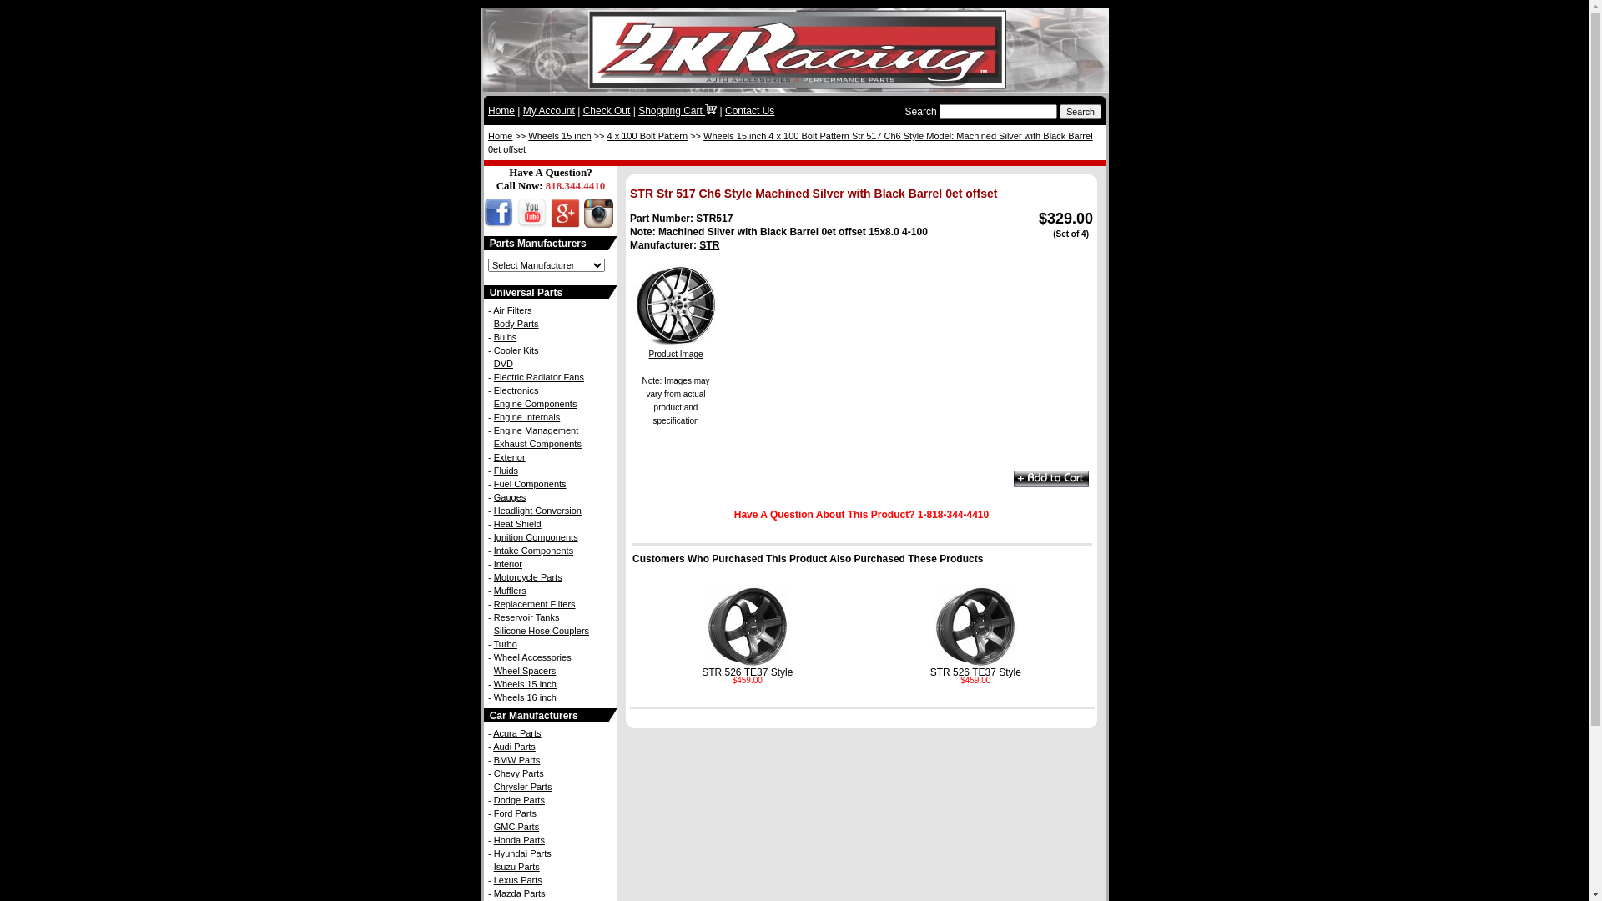 The image size is (1602, 901). I want to click on 'Wheel Accessories', so click(531, 656).